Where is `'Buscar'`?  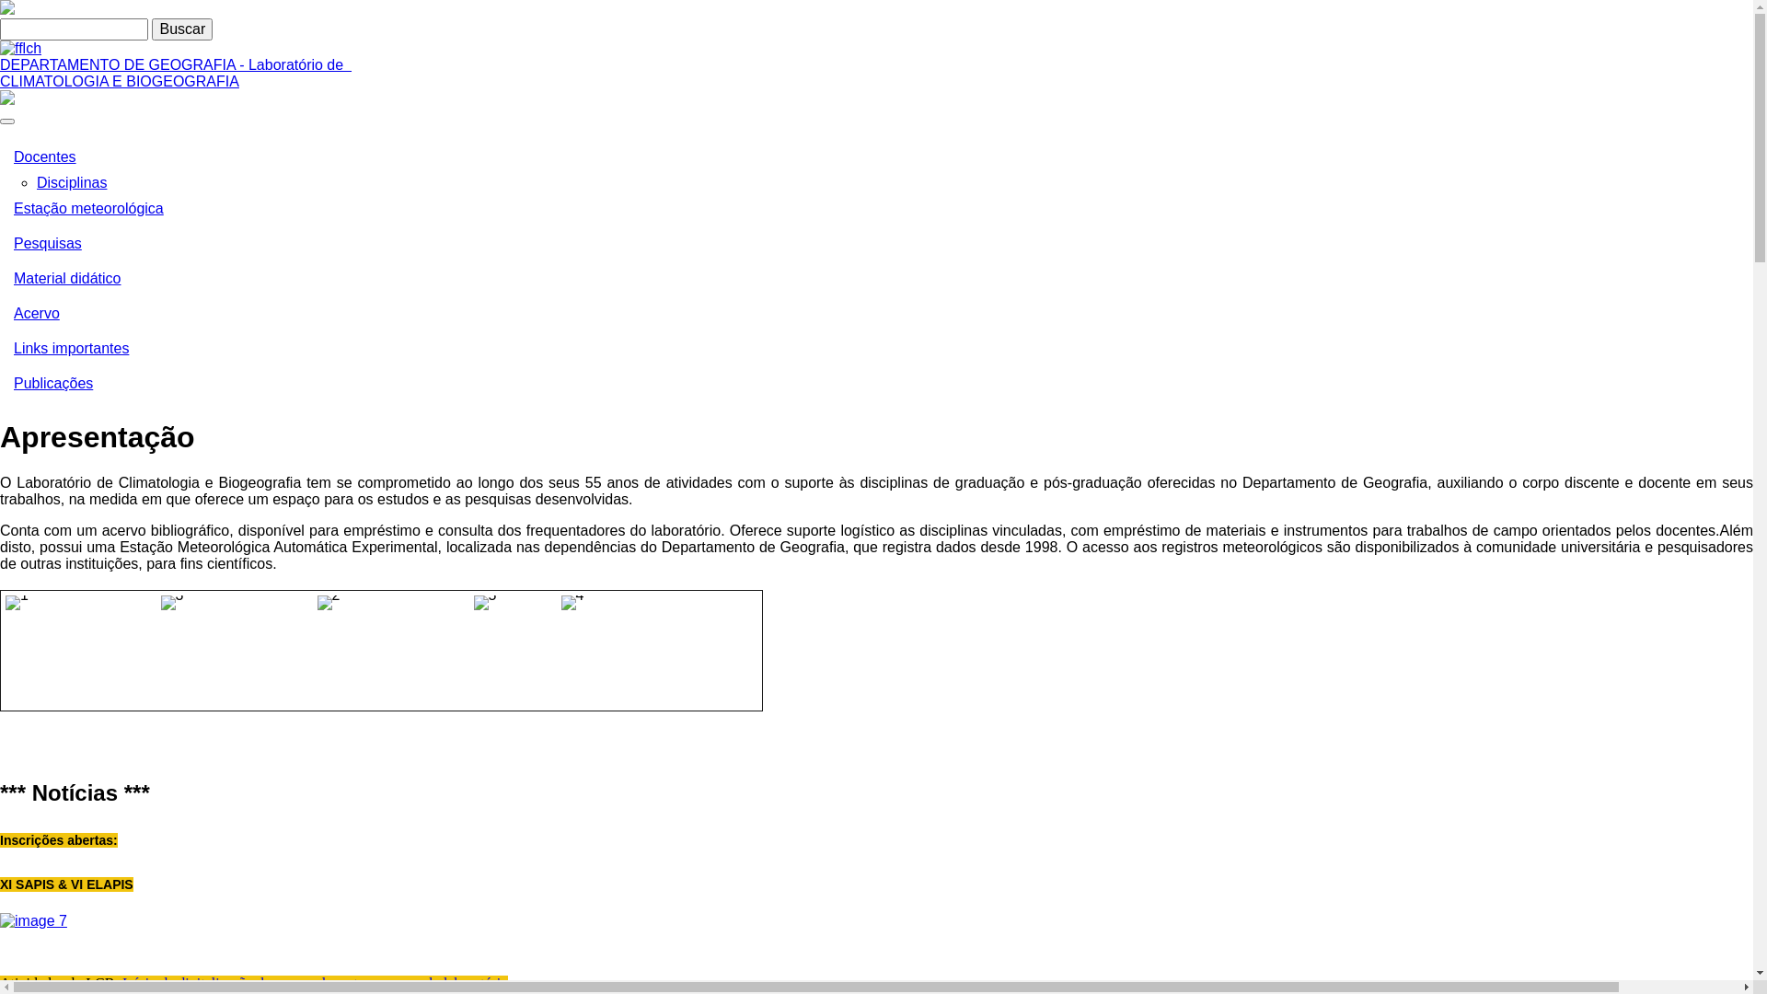 'Buscar' is located at coordinates (181, 29).